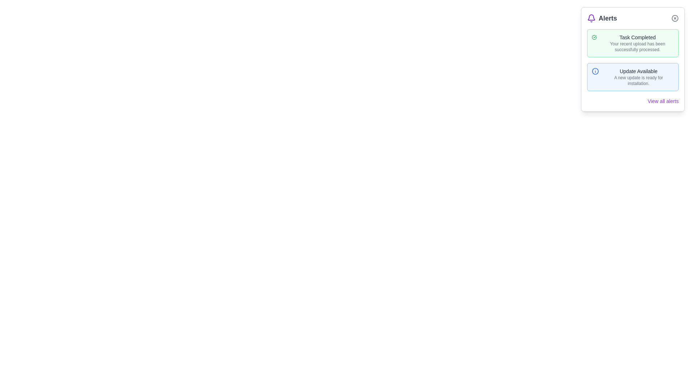 This screenshot has height=389, width=692. I want to click on the text element that states 'A new update is ready for installation.' which is styled with a small gray font and is located below the heading 'Update Available' in the notification banner, so click(638, 80).